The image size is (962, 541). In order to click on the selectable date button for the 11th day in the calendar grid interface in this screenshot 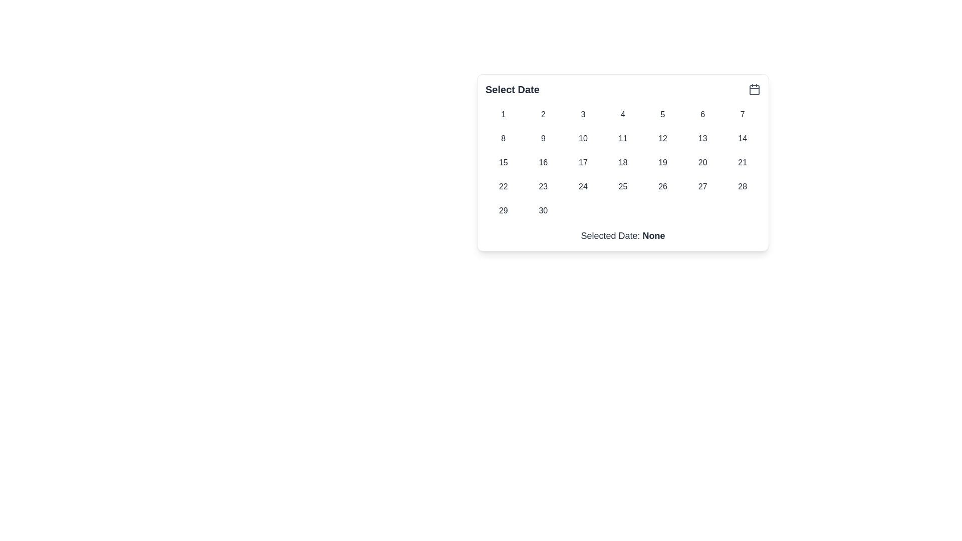, I will do `click(622, 139)`.